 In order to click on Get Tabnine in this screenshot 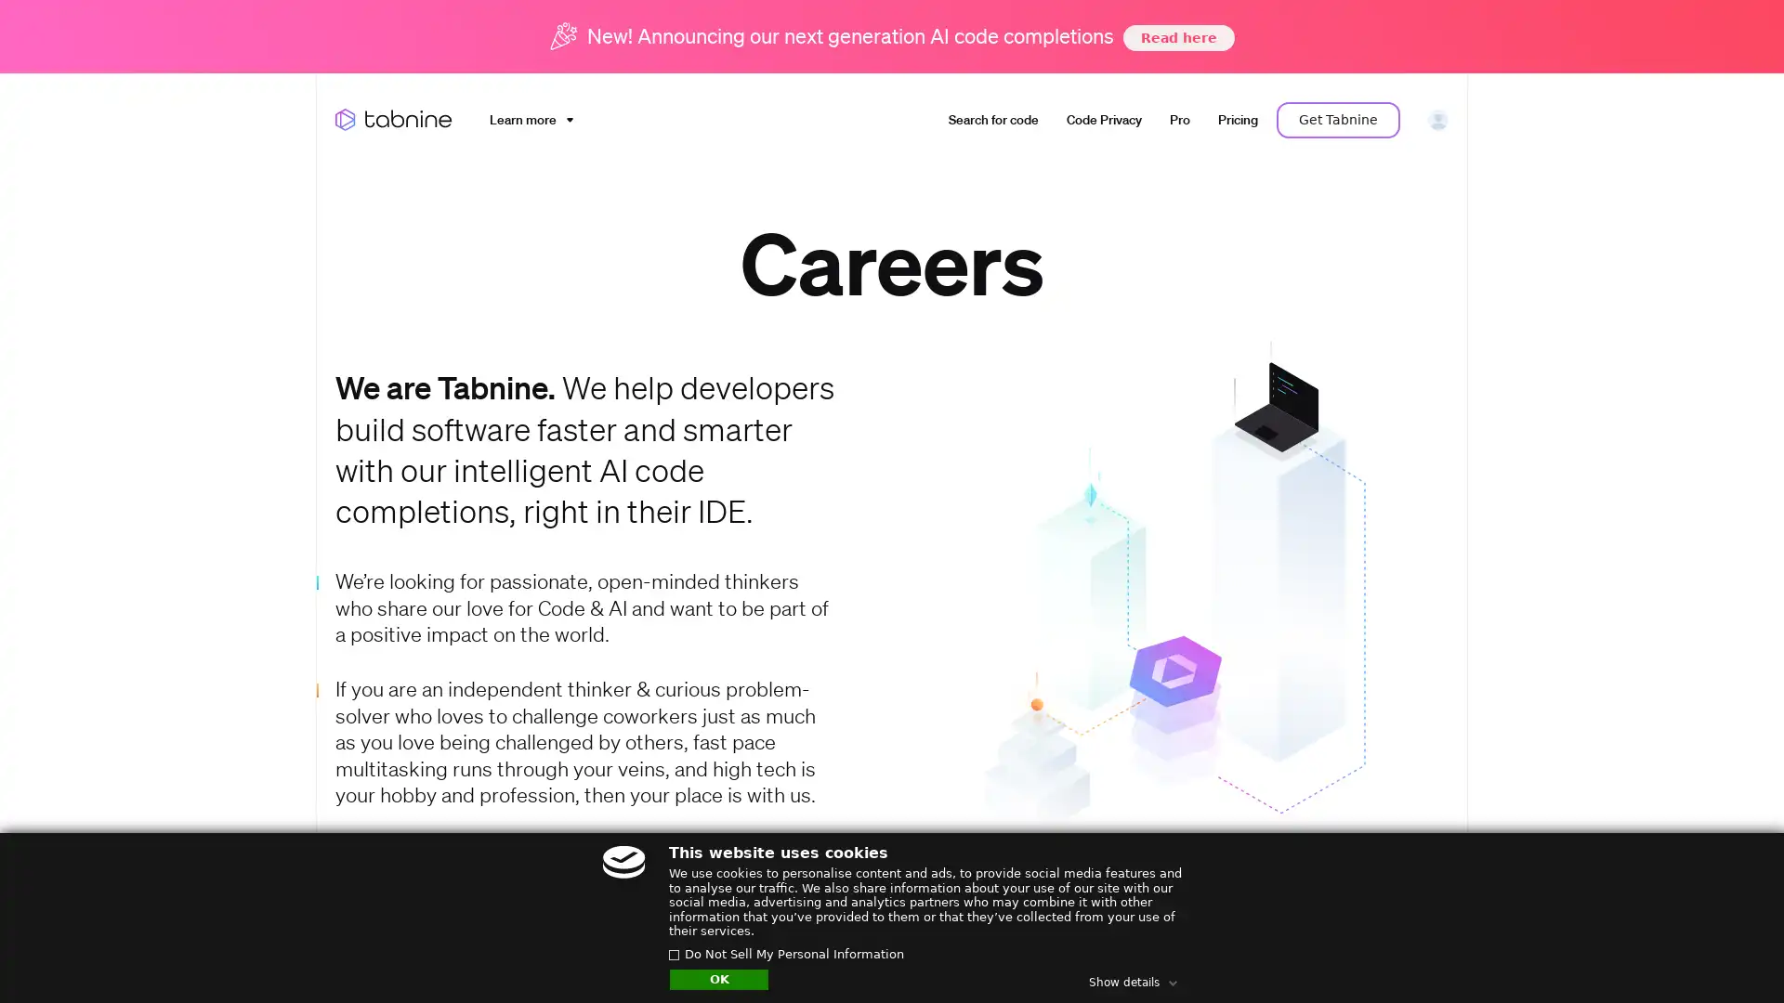, I will do `click(1338, 119)`.